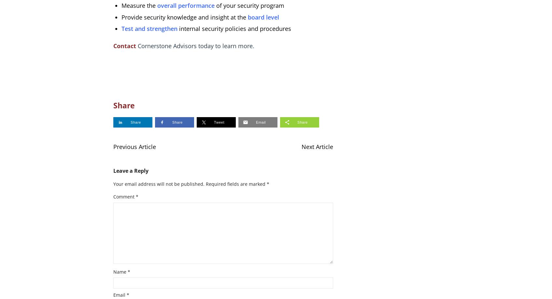 This screenshot has height=299, width=552. I want to click on 'Required fields are marked', so click(235, 183).